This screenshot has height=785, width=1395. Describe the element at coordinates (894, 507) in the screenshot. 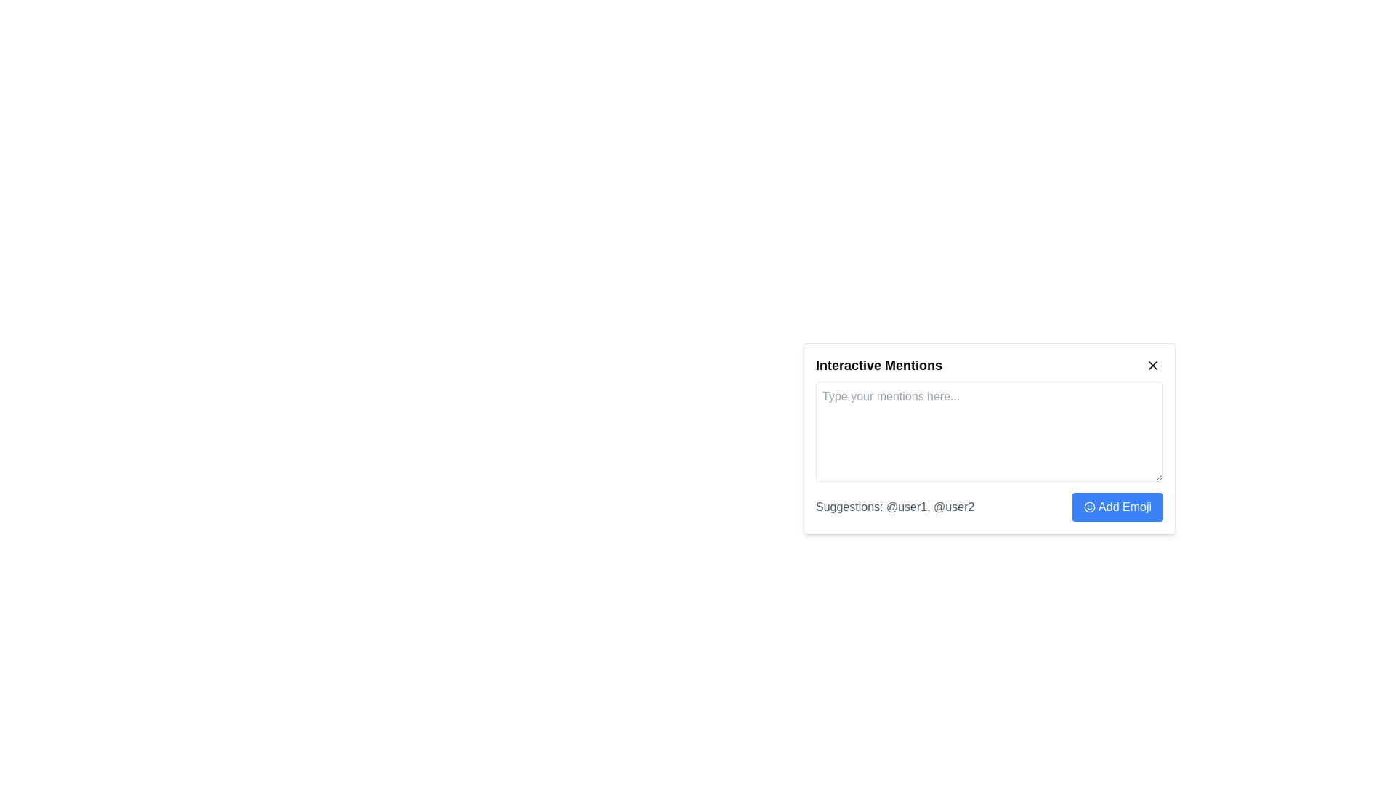

I see `the text label that displays 'Suggestions: @user1, @user2', located near the bottom-left corner of the suggestion panel, to the left of the 'Add Emoji' button` at that location.